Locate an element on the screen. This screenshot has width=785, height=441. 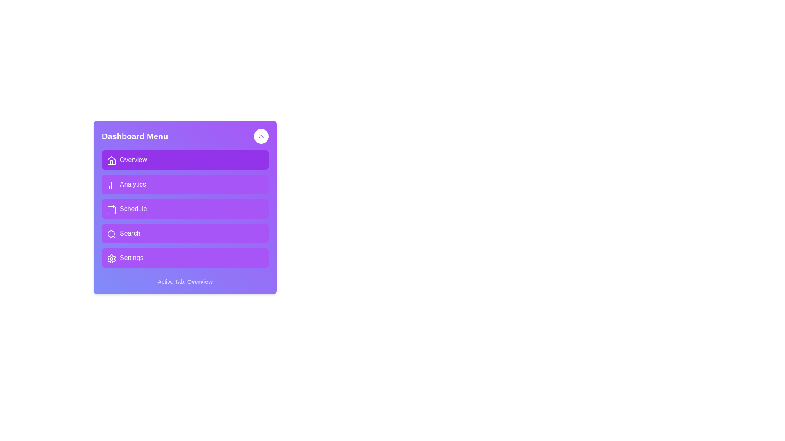
the gear icon, which is styled in white color and positioned within the purple 'Settings' button at the bottom of the sidebar menu is located at coordinates (110, 258).